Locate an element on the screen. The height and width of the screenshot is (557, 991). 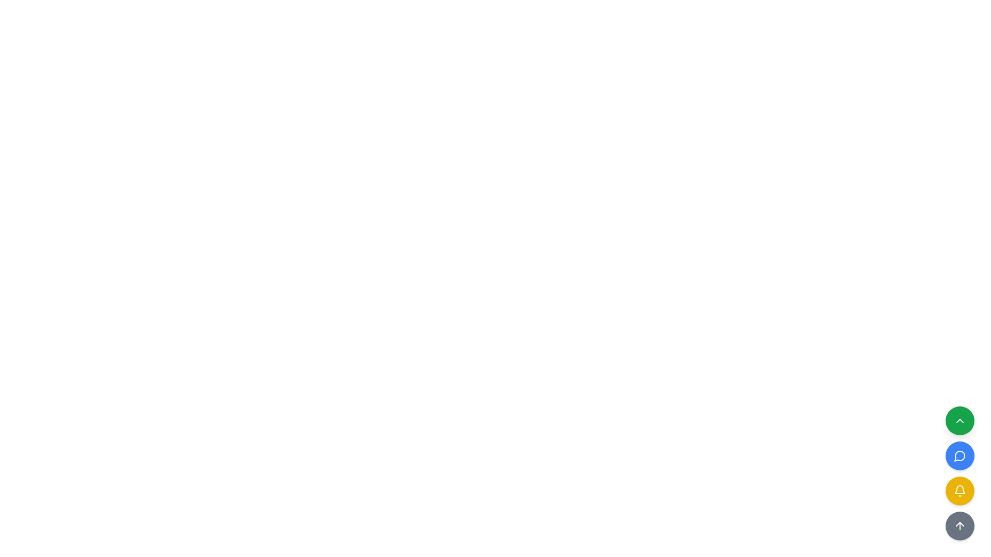
the yellow notification bell button located is located at coordinates (960, 473).